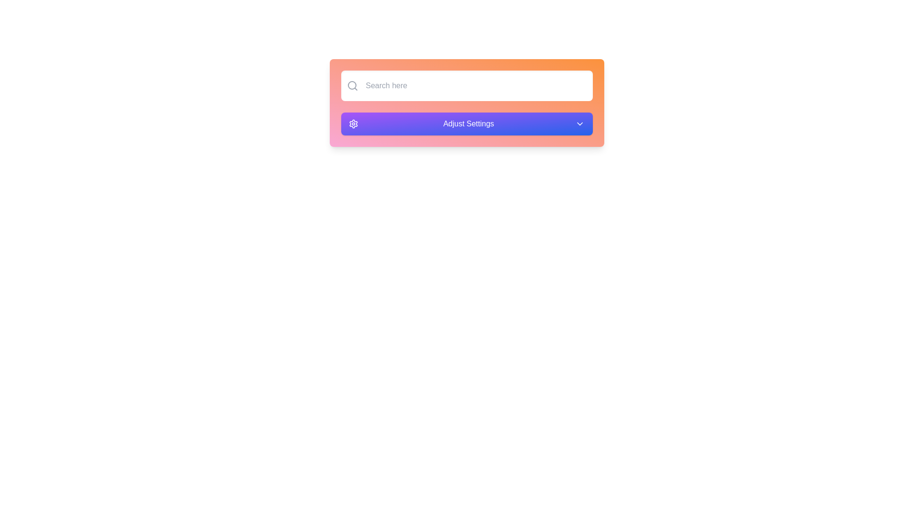 The height and width of the screenshot is (515, 915). Describe the element at coordinates (351, 84) in the screenshot. I see `the graphic circle element that visually represents a magnifying glass within the search icon, which is positioned to the left of the 'Search here' input field` at that location.